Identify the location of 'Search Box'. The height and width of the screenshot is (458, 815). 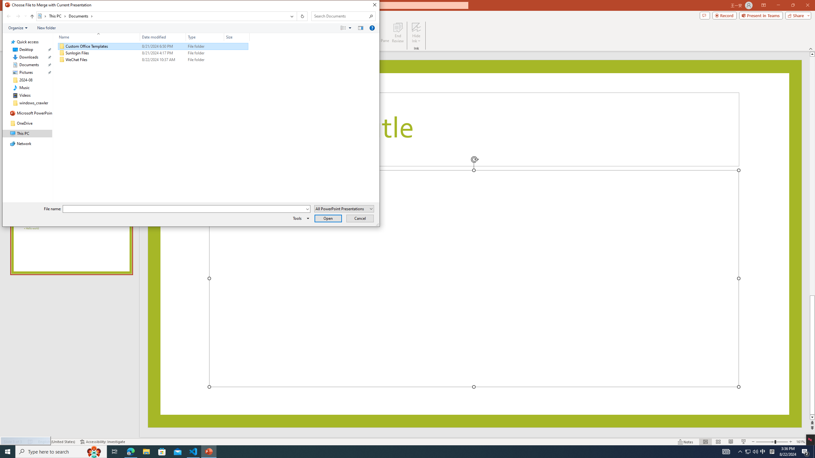
(340, 16).